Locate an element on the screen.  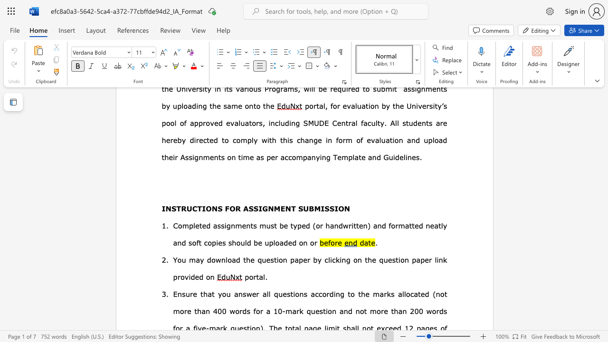
the subset text "hou" within the text "and formatted neatly and soft copies should be uploaded on or" is located at coordinates (232, 242).